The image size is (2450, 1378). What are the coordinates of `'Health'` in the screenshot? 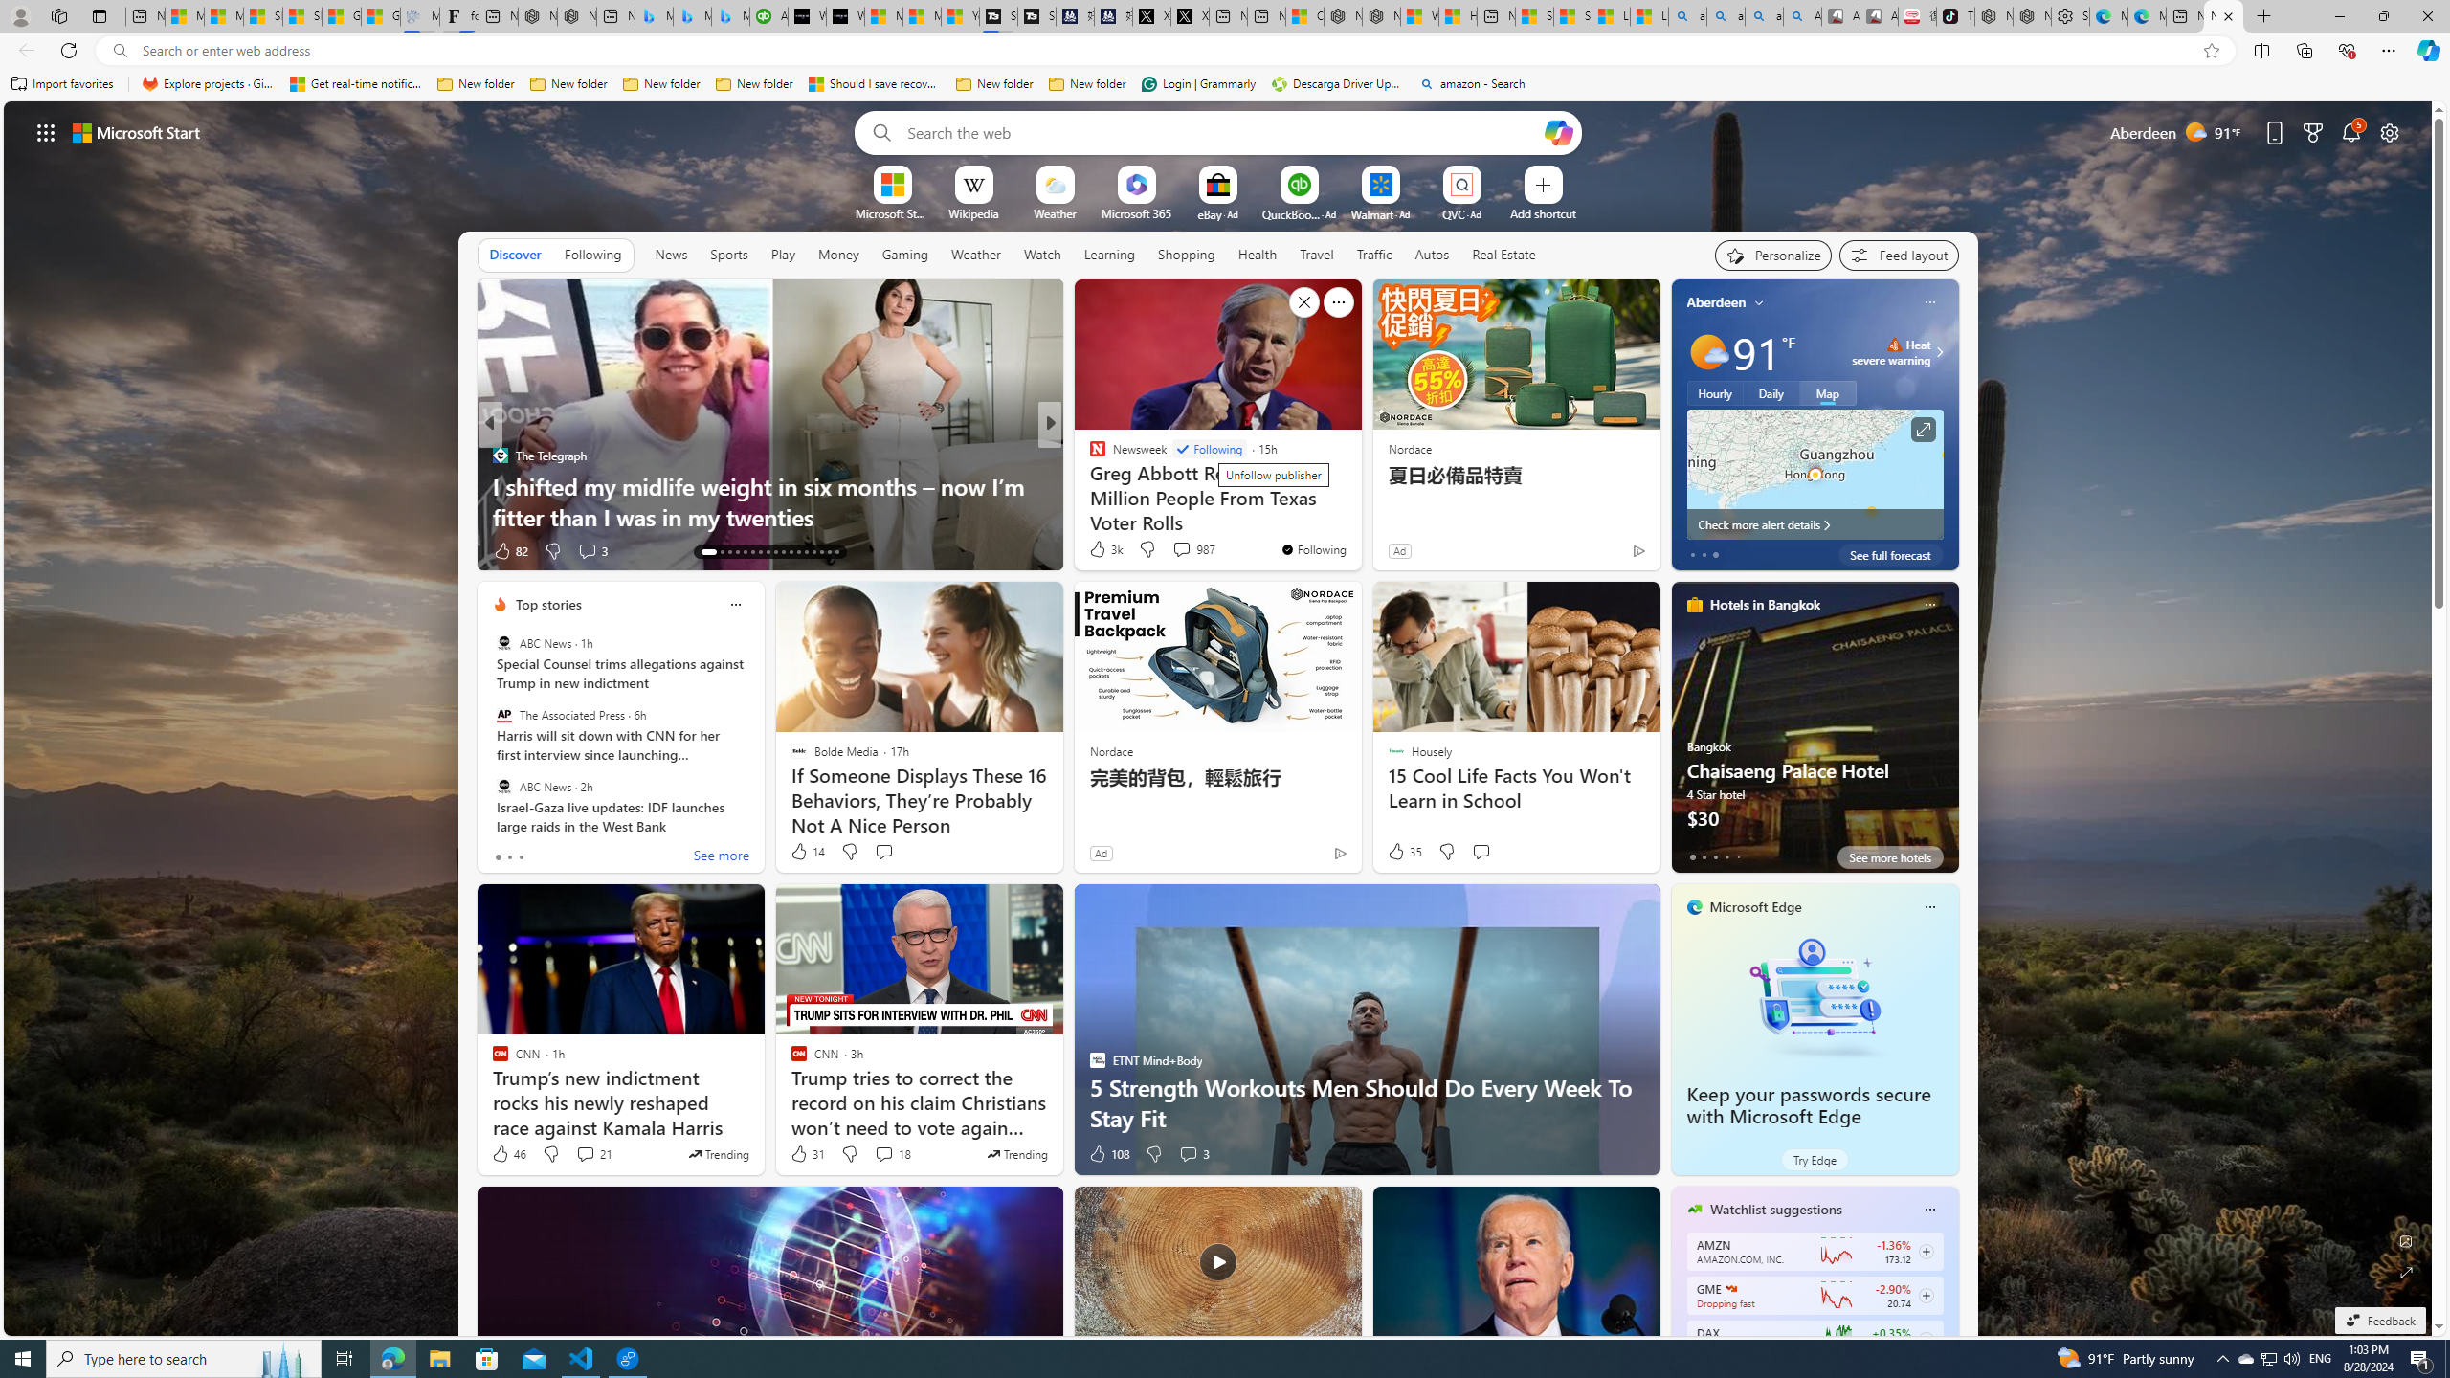 It's located at (1256, 253).